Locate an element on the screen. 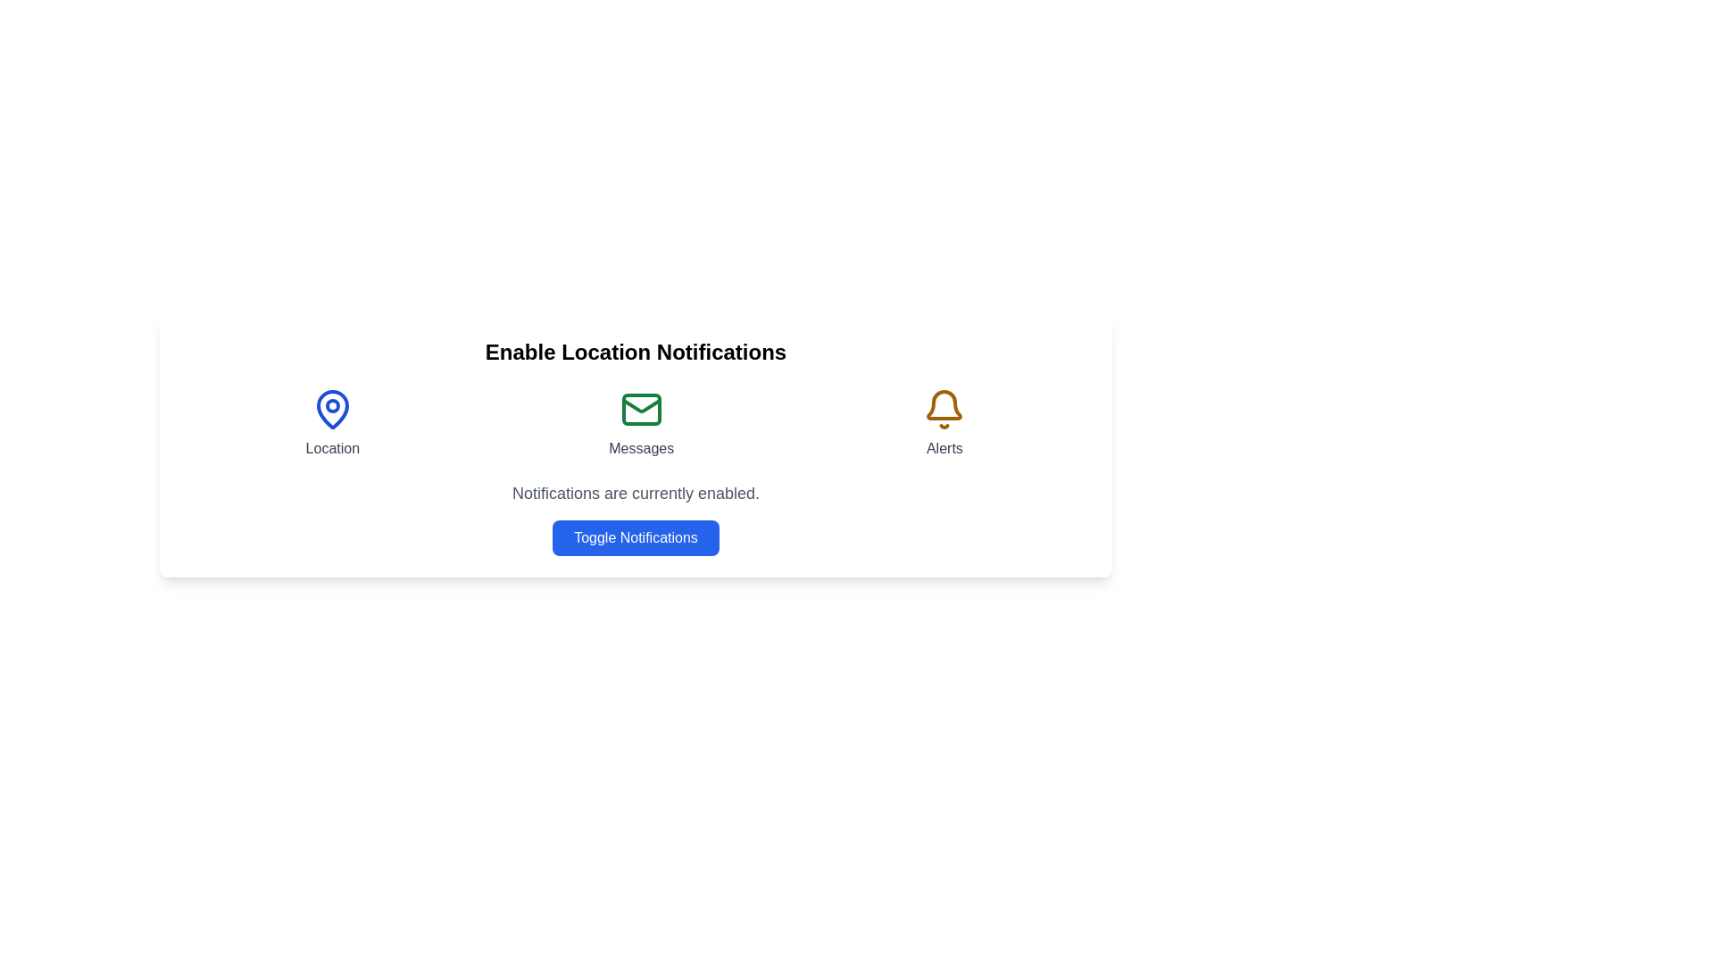 This screenshot has width=1714, height=964. the vector graphic circle that serves as a visual indicator within the map pin icon, located directly above the 'Location' text and part of the blue-outlined pin graphic is located at coordinates (332, 406).